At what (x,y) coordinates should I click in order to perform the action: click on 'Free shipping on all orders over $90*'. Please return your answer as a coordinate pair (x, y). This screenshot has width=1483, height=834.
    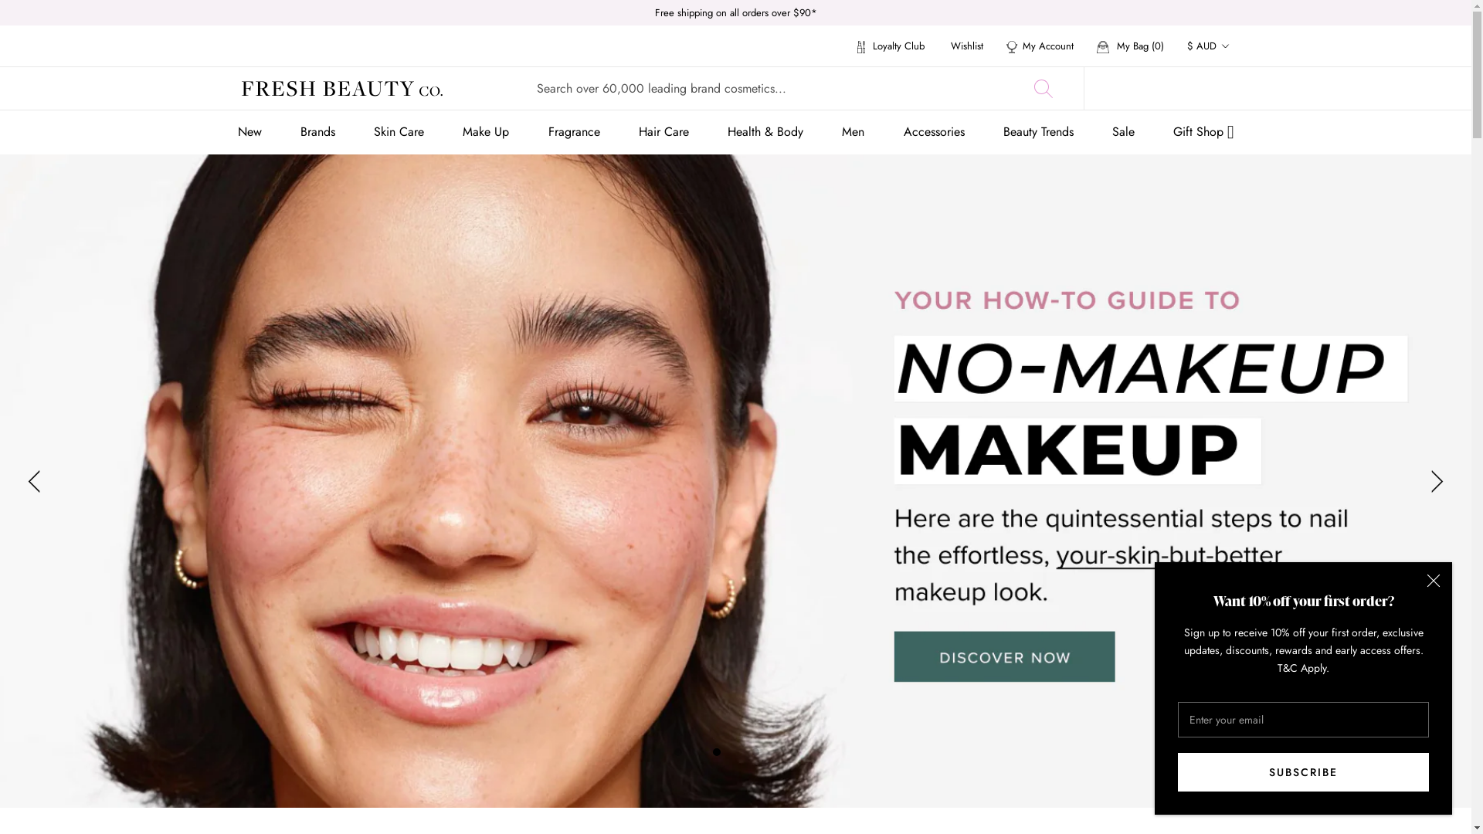
    Looking at the image, I should click on (735, 12).